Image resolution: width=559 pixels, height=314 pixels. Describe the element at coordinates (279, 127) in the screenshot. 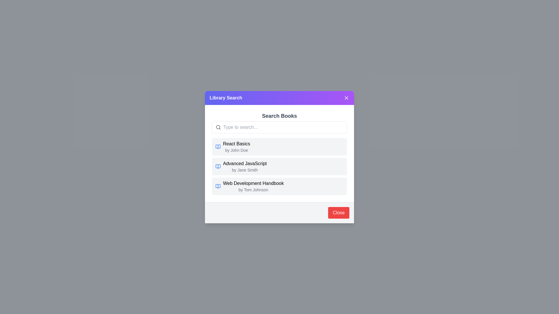

I see `inside the search input field located in the 'Search Books' dialog box to focus on it` at that location.